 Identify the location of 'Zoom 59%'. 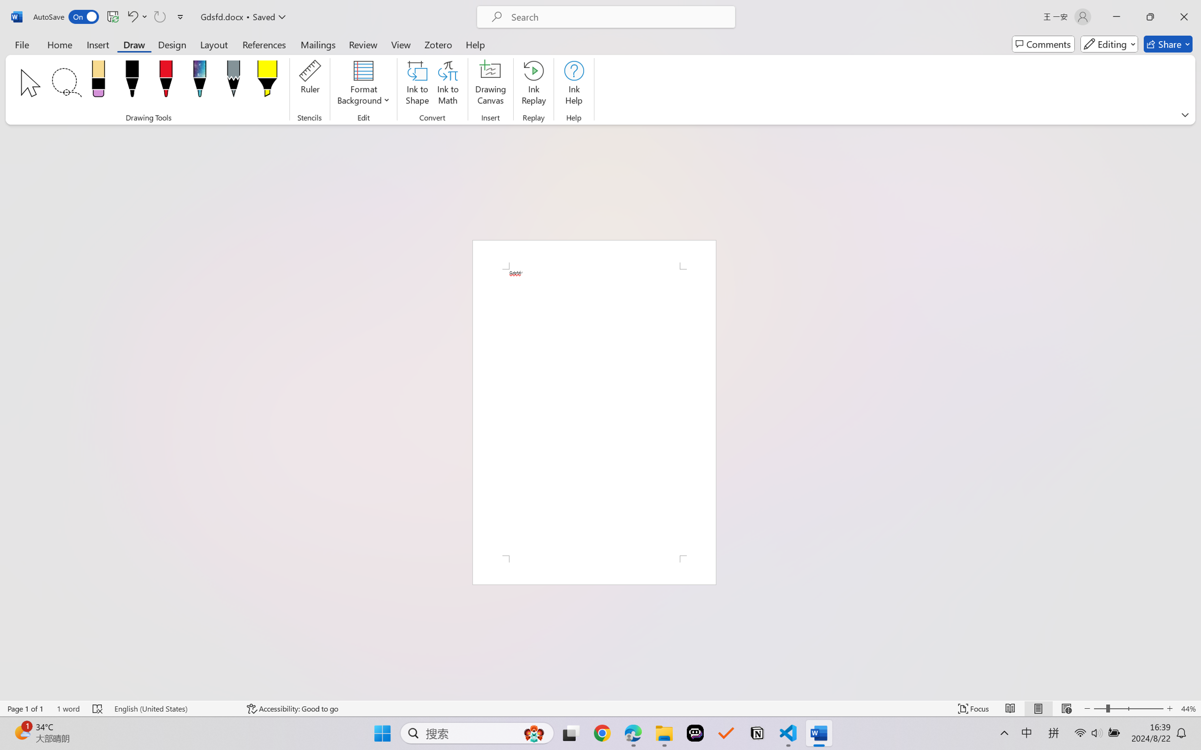
(1180, 723).